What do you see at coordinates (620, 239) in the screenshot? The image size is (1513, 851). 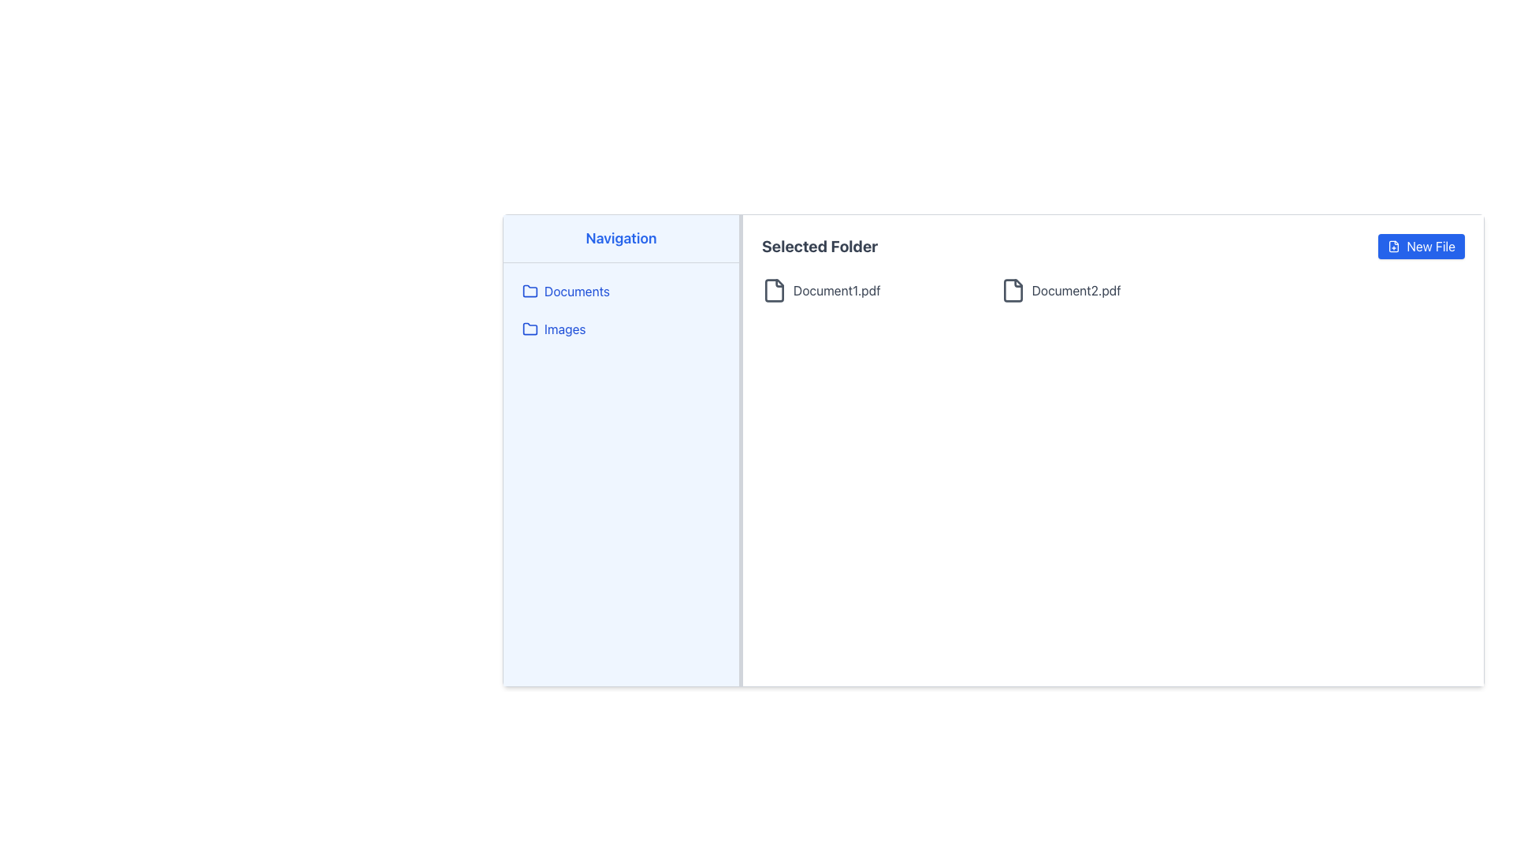 I see `text content of the heading label located at the top-left of the navigation sidebar, above 'Documents' and 'Images'` at bounding box center [620, 239].